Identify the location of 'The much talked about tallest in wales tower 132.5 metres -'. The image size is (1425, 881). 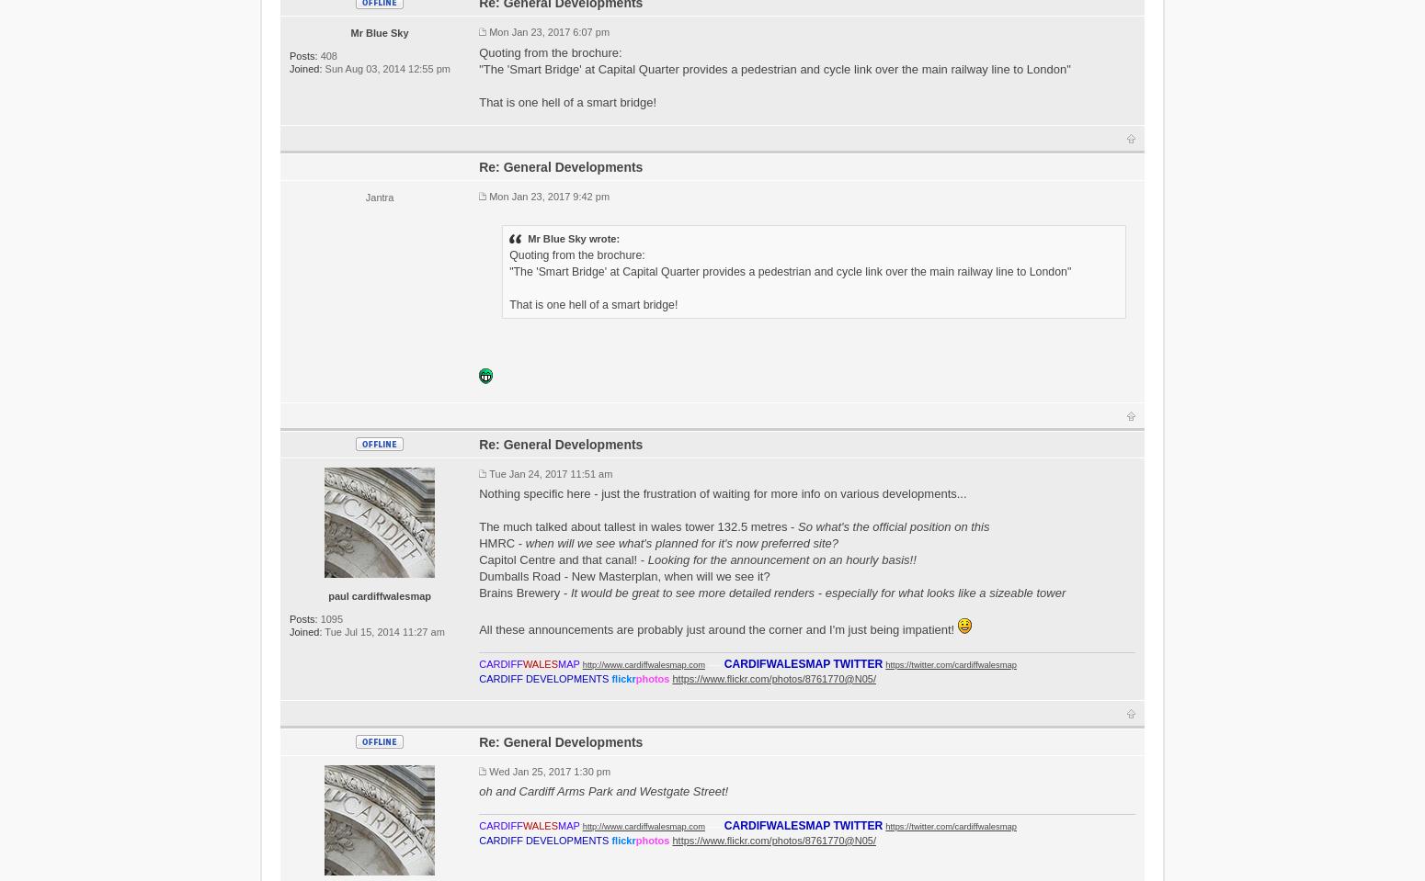
(637, 525).